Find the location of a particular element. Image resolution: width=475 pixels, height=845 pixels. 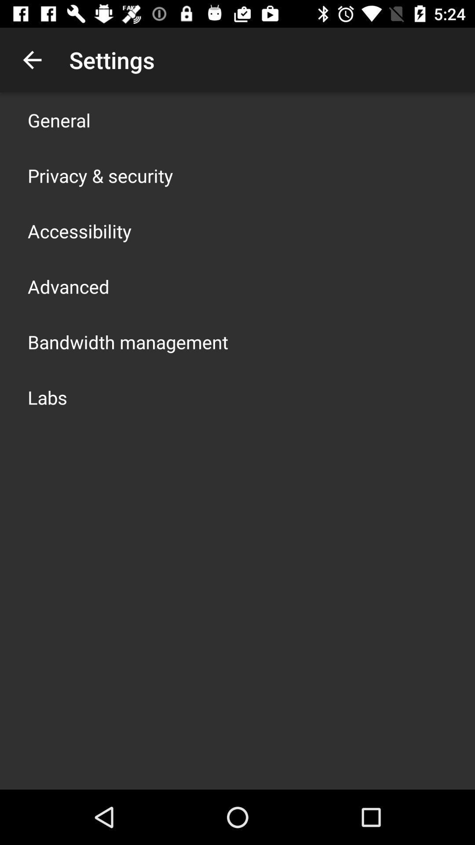

item below the general icon is located at coordinates (100, 175).